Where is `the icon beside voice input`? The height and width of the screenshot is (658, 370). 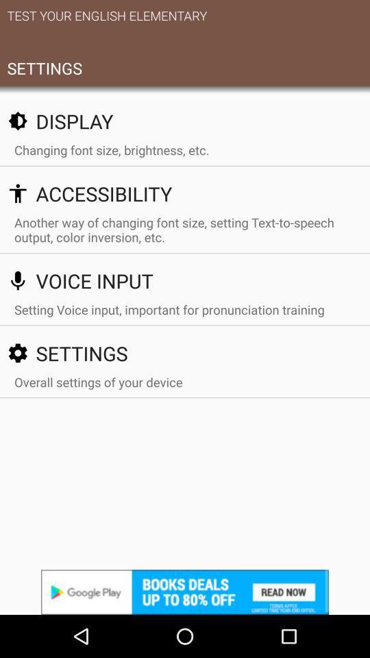
the icon beside voice input is located at coordinates (17, 280).